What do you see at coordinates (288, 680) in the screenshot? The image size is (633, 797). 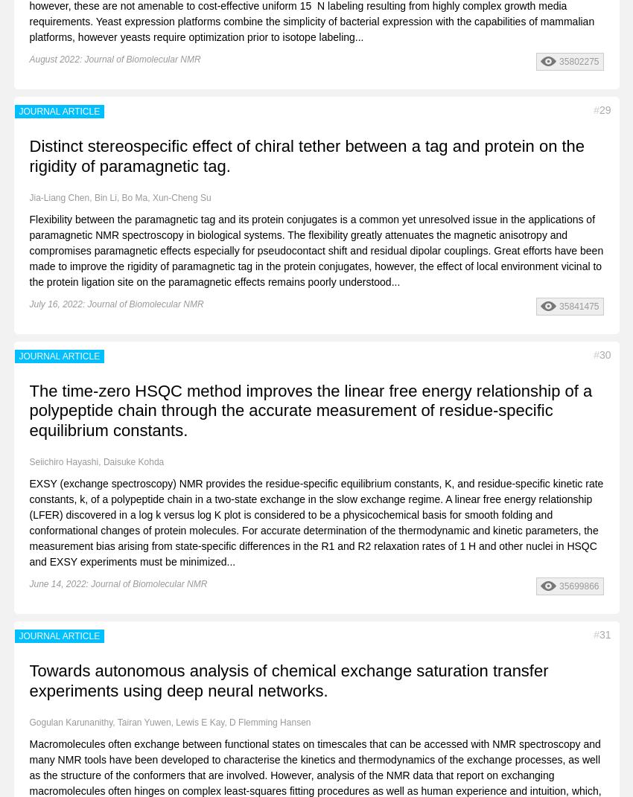 I see `'Towards autonomous analysis of chemical exchange saturation transfer experiments using deep neural networks.'` at bounding box center [288, 680].